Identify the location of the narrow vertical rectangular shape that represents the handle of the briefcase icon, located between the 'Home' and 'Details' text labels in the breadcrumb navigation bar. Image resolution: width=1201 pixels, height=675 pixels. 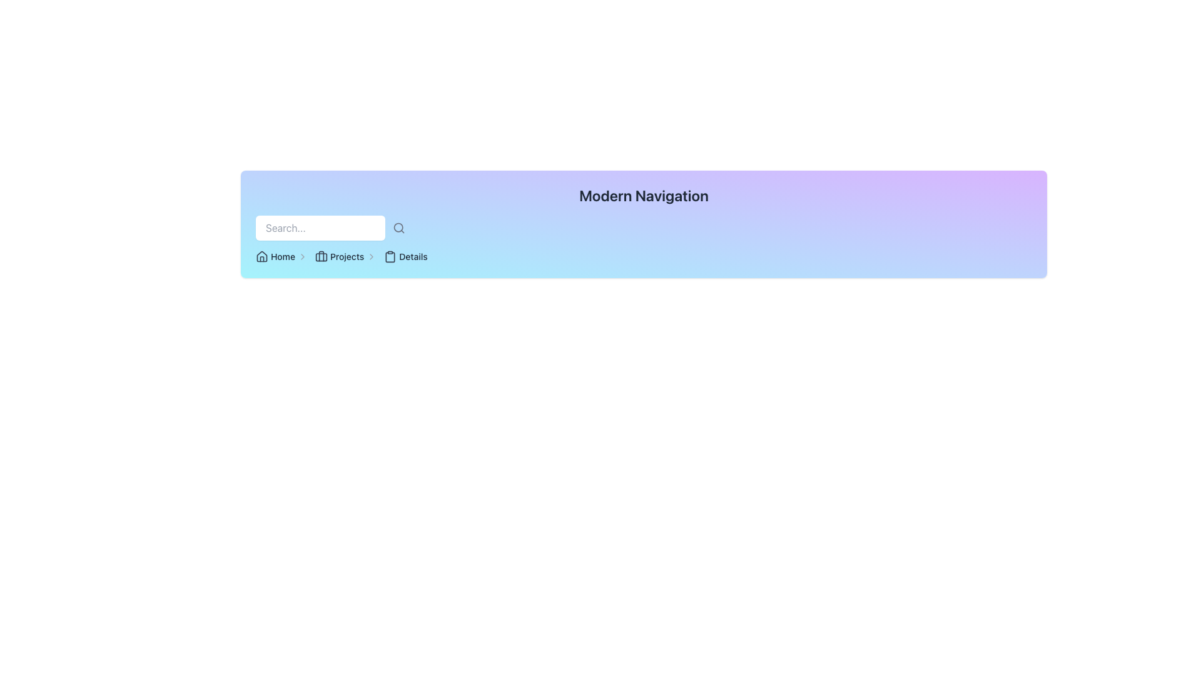
(321, 256).